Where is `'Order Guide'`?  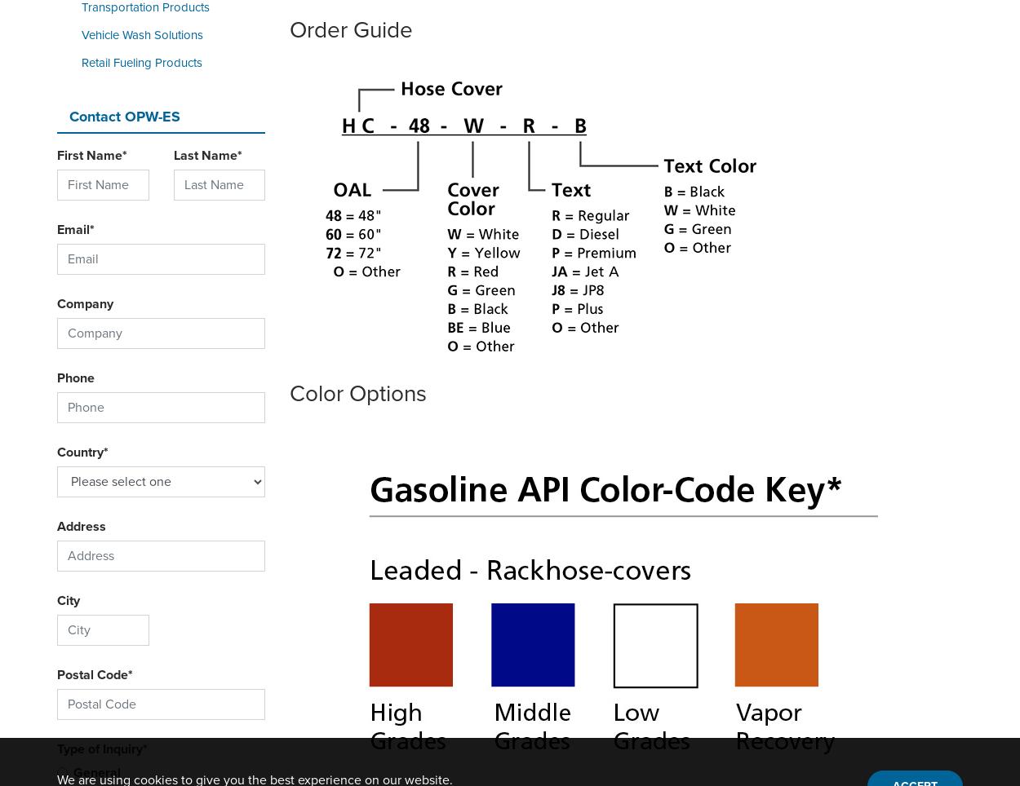 'Order Guide' is located at coordinates (351, 28).